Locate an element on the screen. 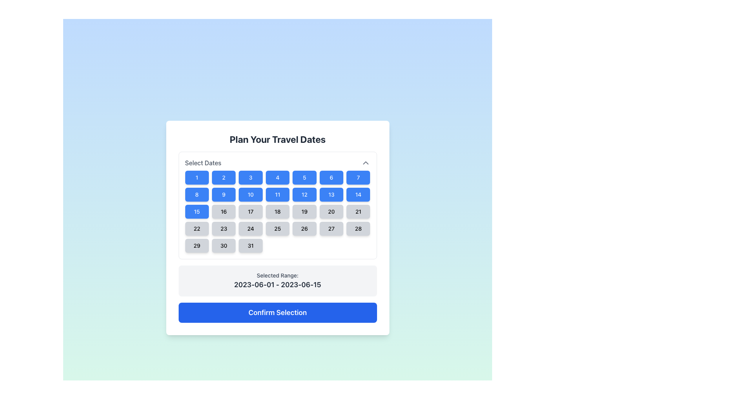 The width and height of the screenshot is (744, 418). the 19th button in the calendar interface is located at coordinates (304, 212).